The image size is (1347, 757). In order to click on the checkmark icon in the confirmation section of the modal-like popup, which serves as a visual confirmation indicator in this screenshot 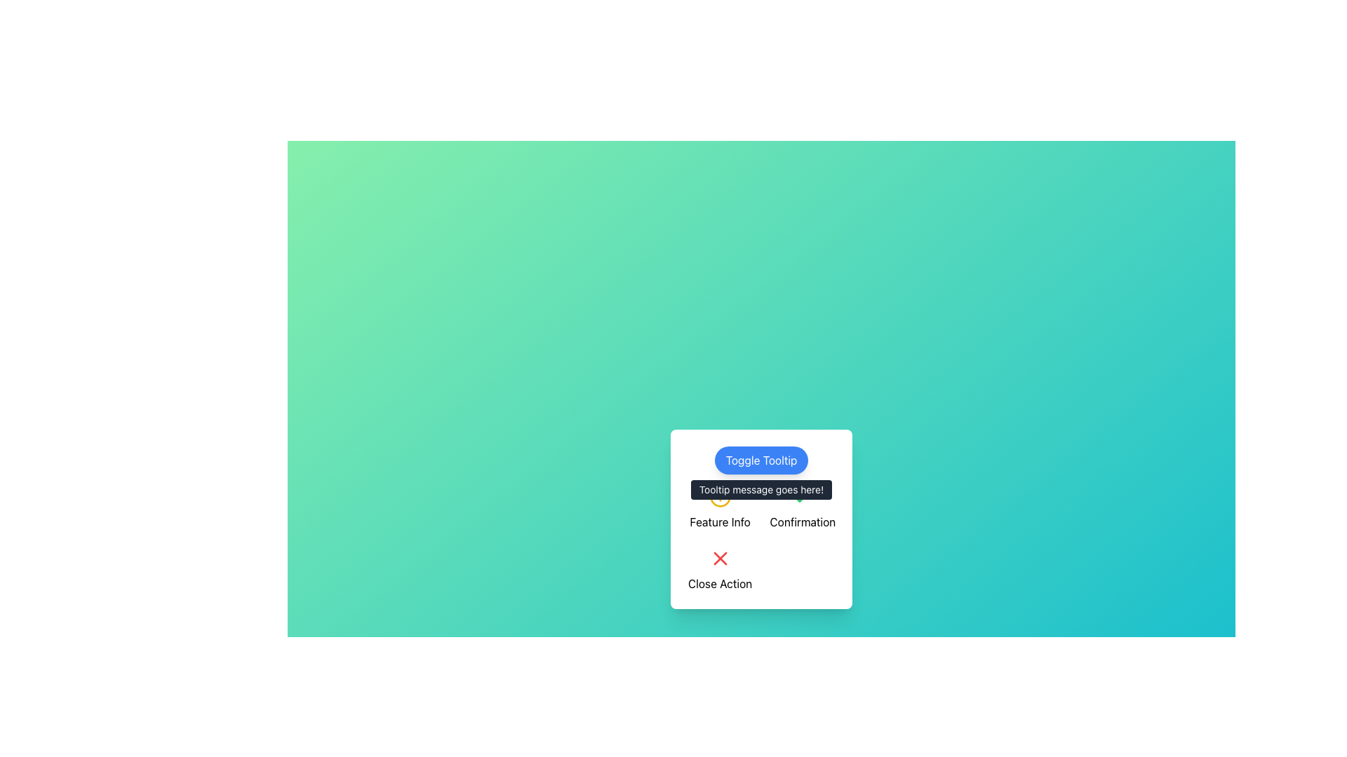, I will do `click(803, 496)`.